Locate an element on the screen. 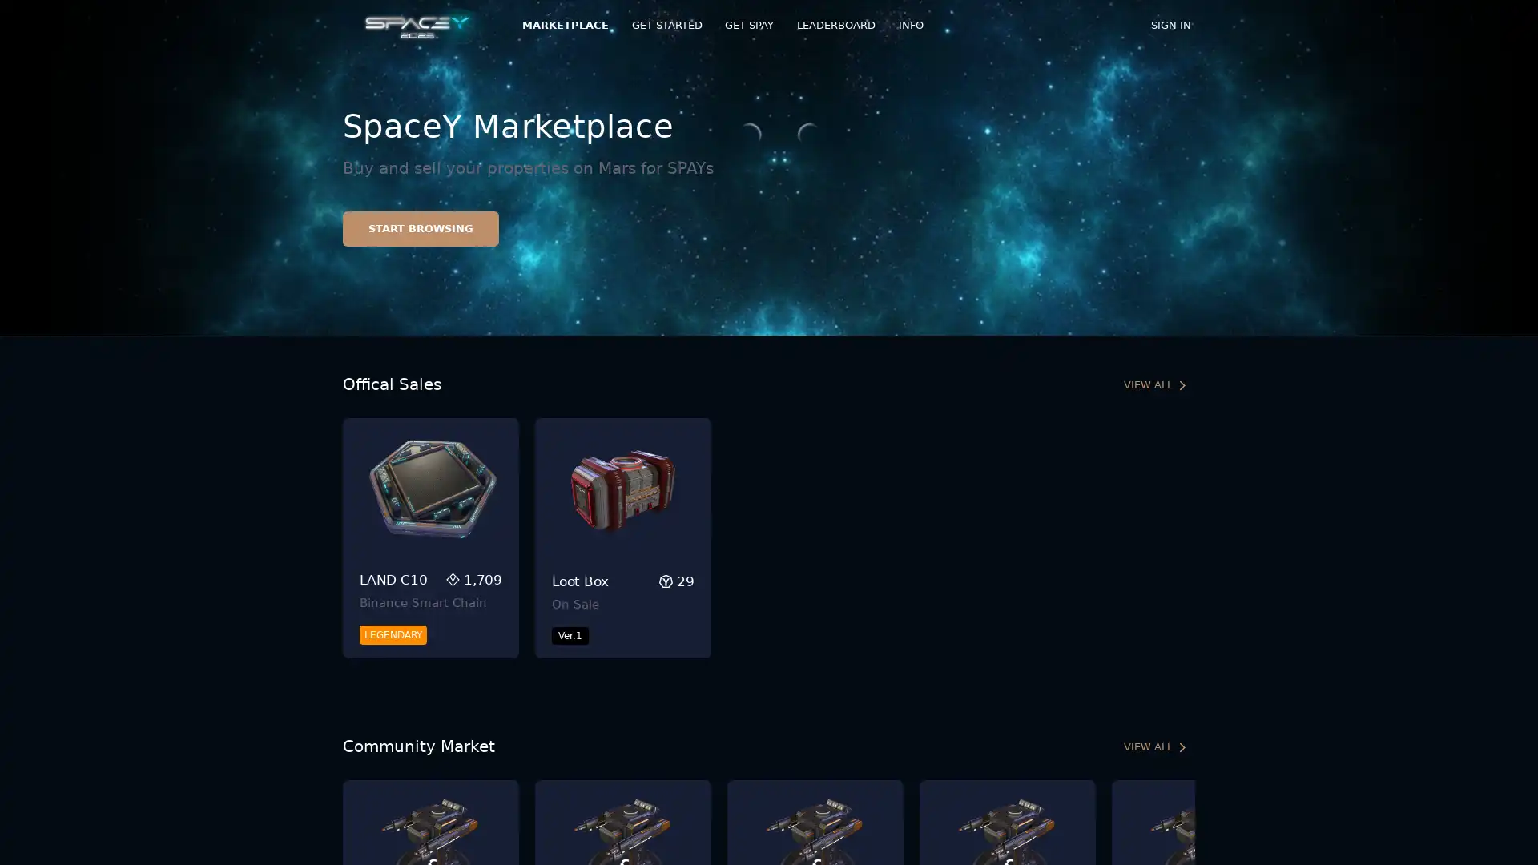 The height and width of the screenshot is (865, 1538). VIEW ALL is located at coordinates (1156, 385).